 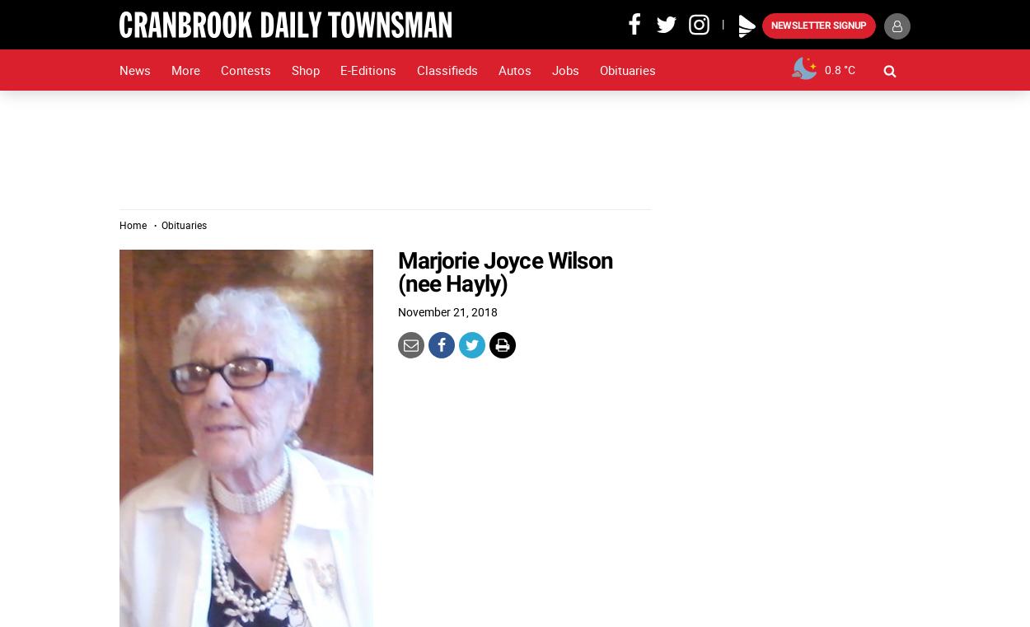 What do you see at coordinates (185, 70) in the screenshot?
I see `'More'` at bounding box center [185, 70].